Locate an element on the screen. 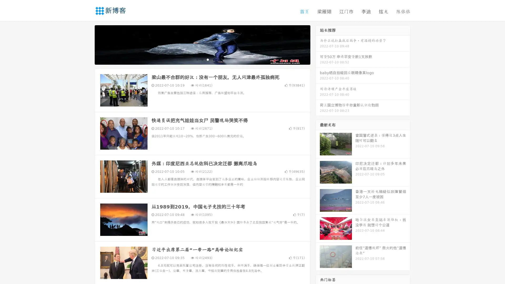  Previous slide is located at coordinates (87, 44).